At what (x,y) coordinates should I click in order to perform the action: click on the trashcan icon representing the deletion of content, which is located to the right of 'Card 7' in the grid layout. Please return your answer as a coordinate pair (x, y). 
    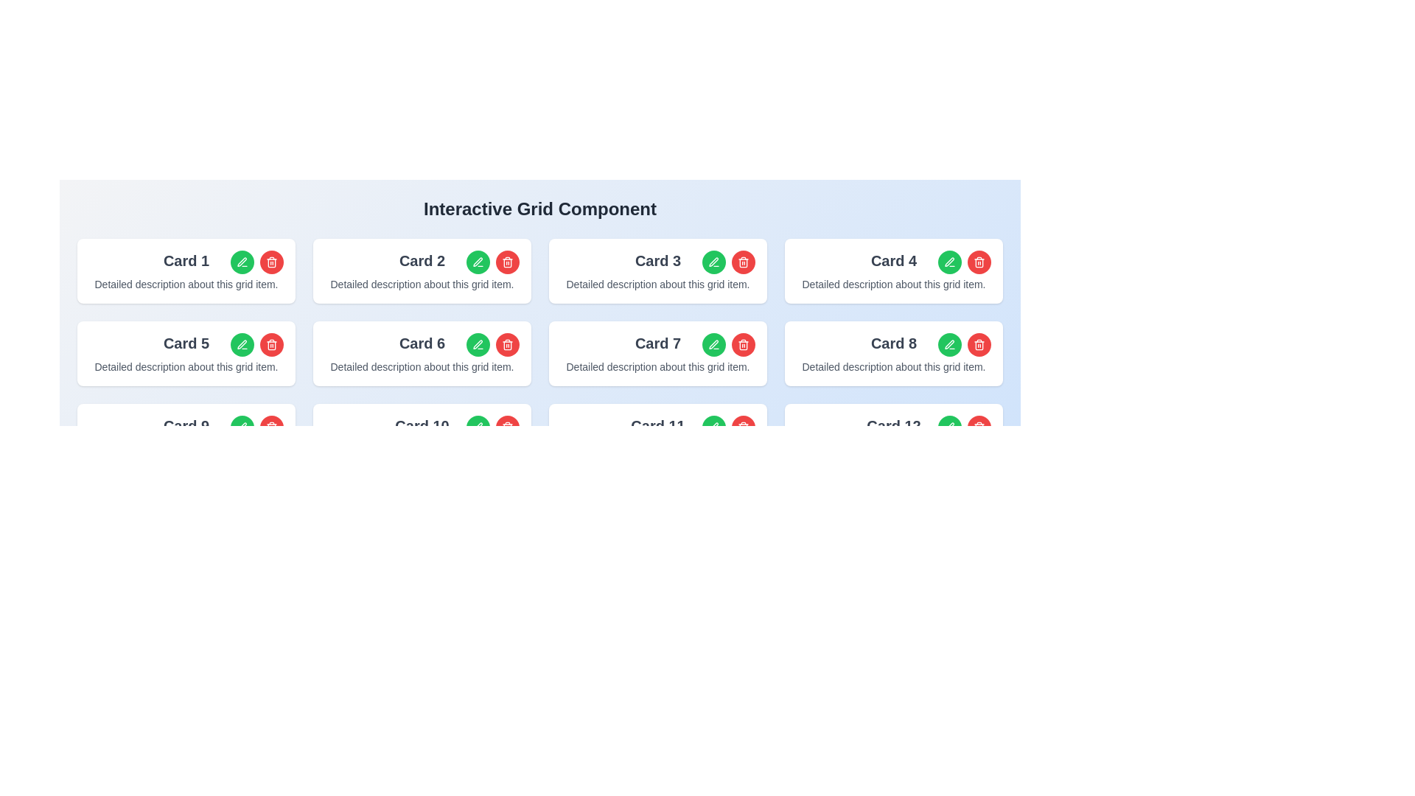
    Looking at the image, I should click on (743, 262).